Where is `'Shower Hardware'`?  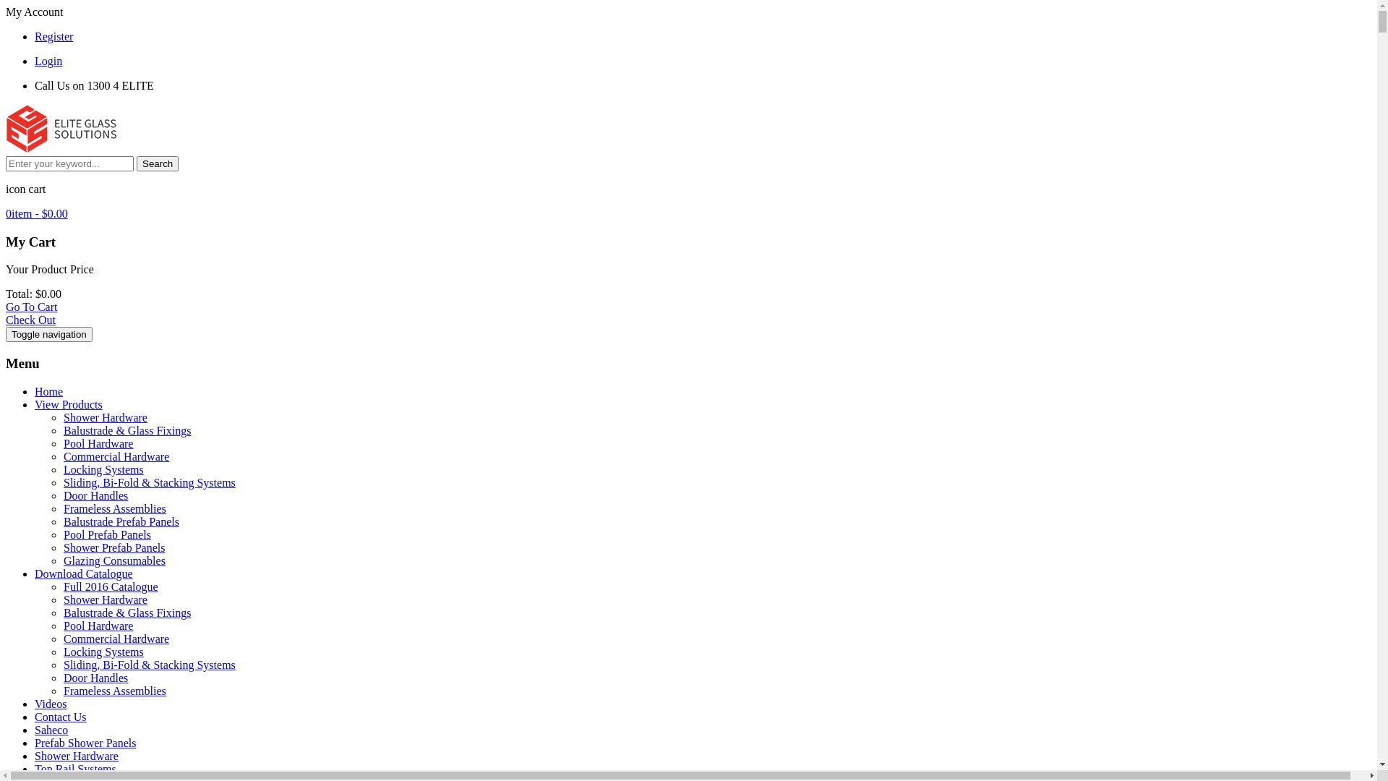
'Shower Hardware' is located at coordinates (104, 599).